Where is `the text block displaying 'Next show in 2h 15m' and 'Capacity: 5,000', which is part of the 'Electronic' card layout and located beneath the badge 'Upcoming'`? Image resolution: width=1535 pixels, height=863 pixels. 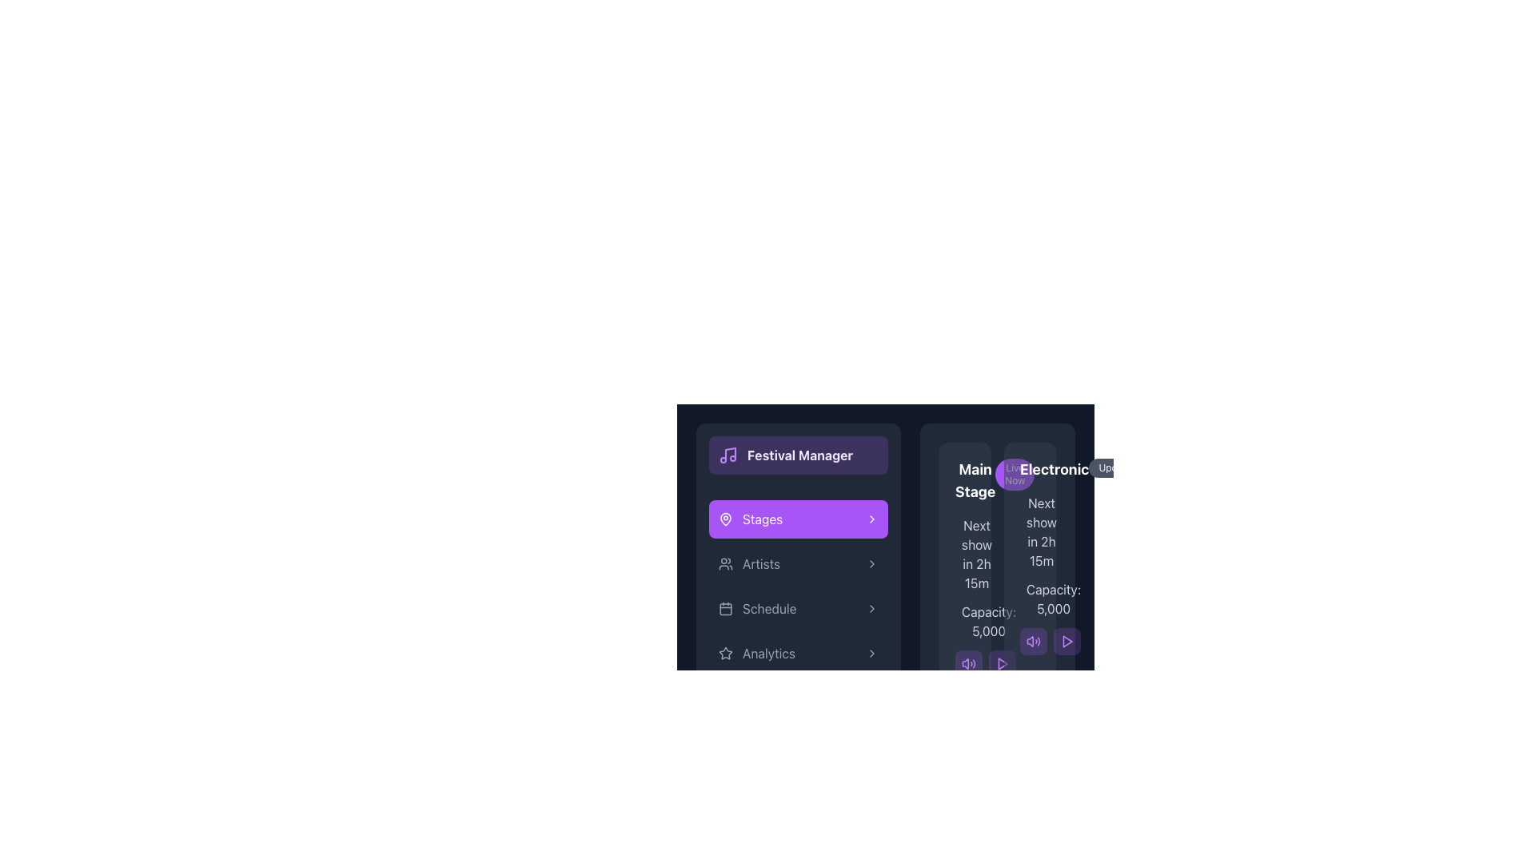 the text block displaying 'Next show in 2h 15m' and 'Capacity: 5,000', which is part of the 'Electronic' card layout and located beneath the badge 'Upcoming' is located at coordinates (1030, 573).